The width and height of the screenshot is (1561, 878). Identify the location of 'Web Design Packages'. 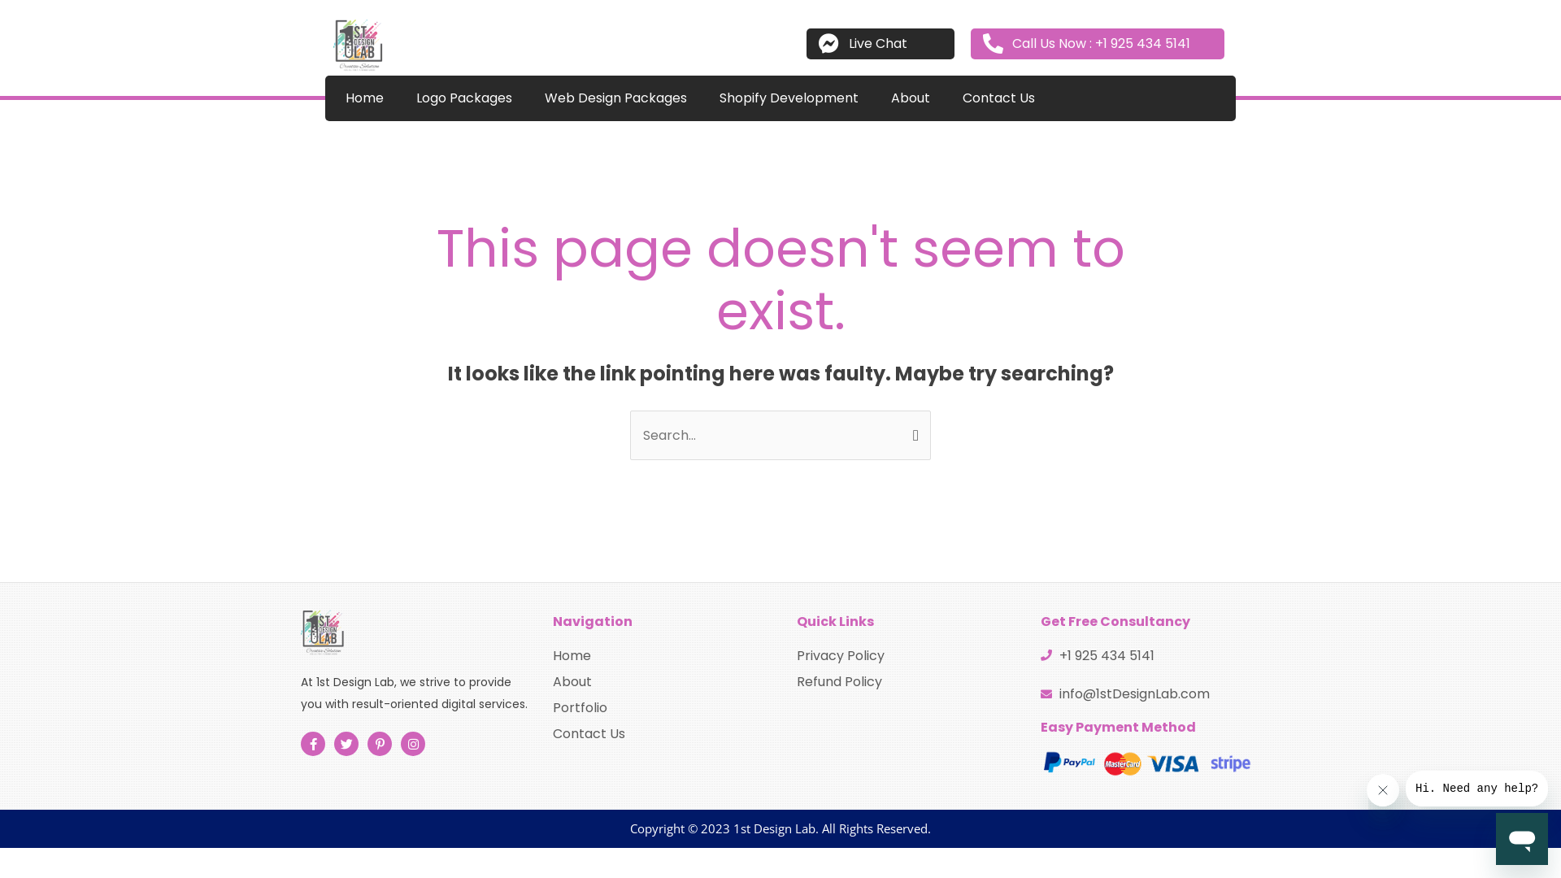
(528, 98).